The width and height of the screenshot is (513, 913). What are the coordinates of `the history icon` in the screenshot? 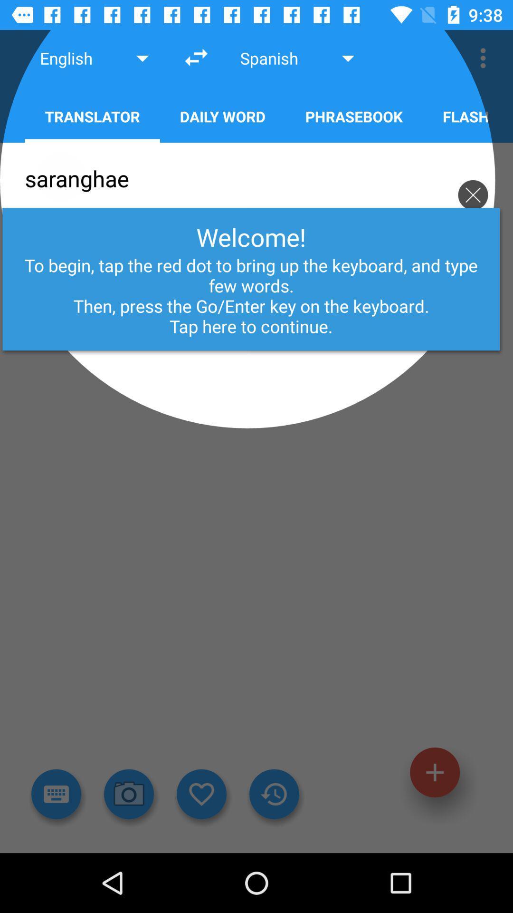 It's located at (274, 794).